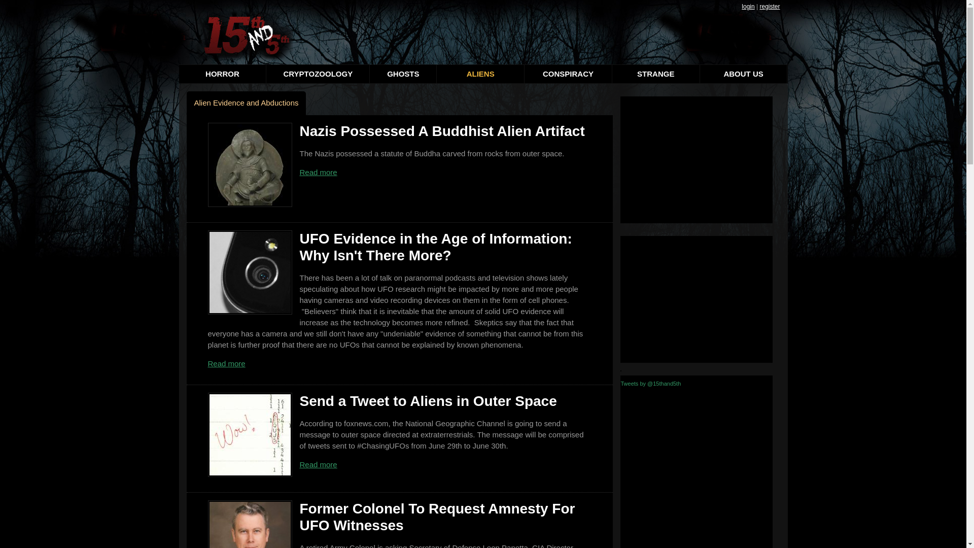 The image size is (974, 548). Describe the element at coordinates (769, 6) in the screenshot. I see `'register'` at that location.